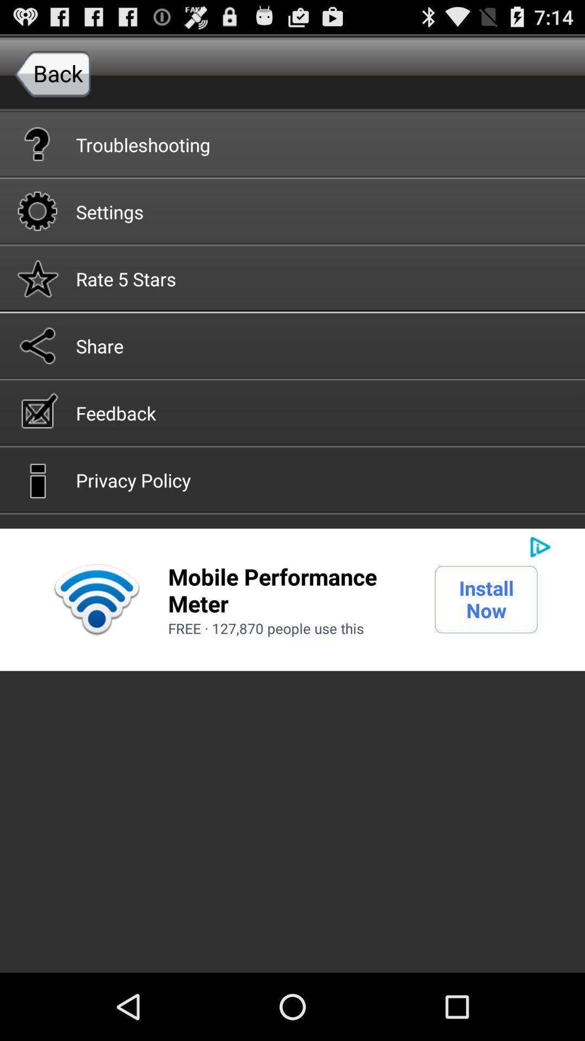 The width and height of the screenshot is (585, 1041). Describe the element at coordinates (96, 599) in the screenshot. I see `the icon on the left` at that location.